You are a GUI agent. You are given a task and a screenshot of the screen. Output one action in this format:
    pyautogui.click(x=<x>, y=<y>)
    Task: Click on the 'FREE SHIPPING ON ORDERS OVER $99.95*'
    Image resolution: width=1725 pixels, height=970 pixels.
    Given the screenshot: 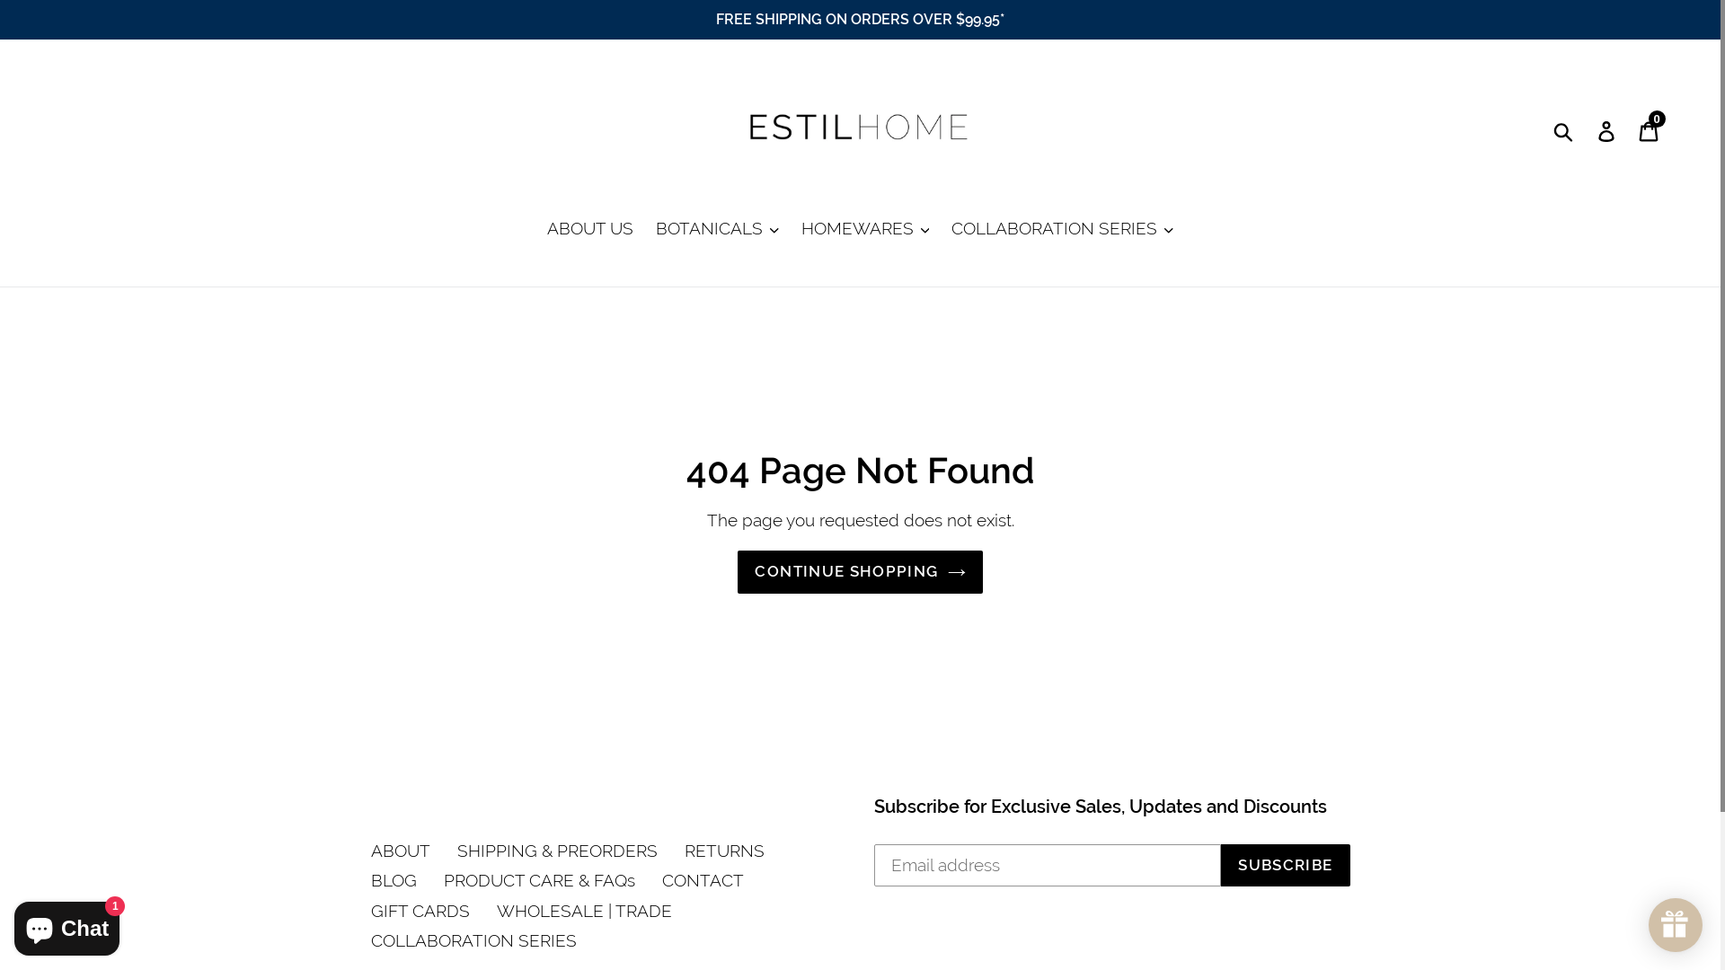 What is the action you would take?
    pyautogui.click(x=859, y=20)
    